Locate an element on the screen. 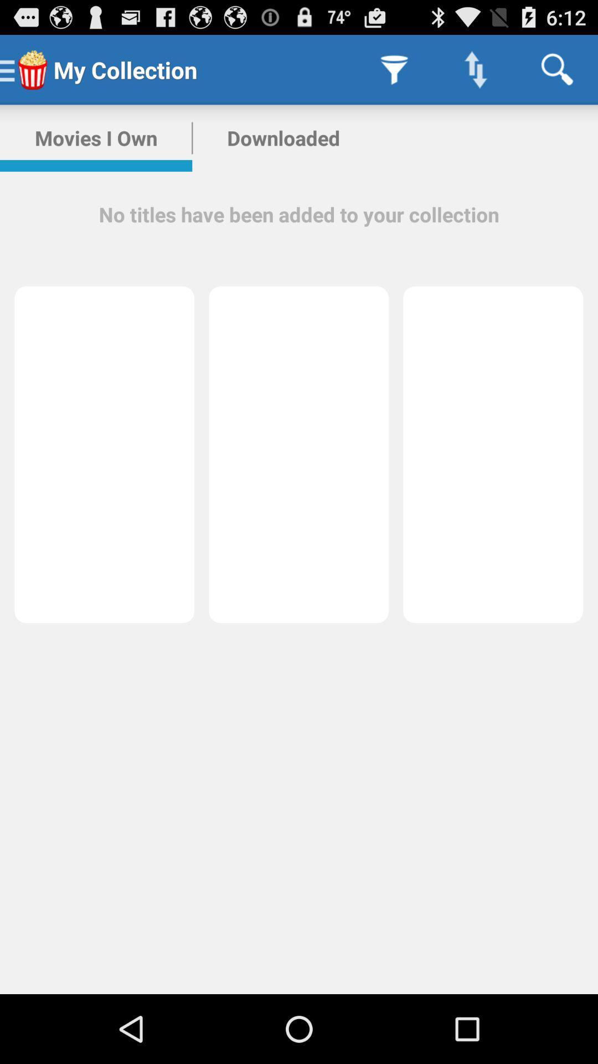  the item to the right of the my collection is located at coordinates (394, 69).